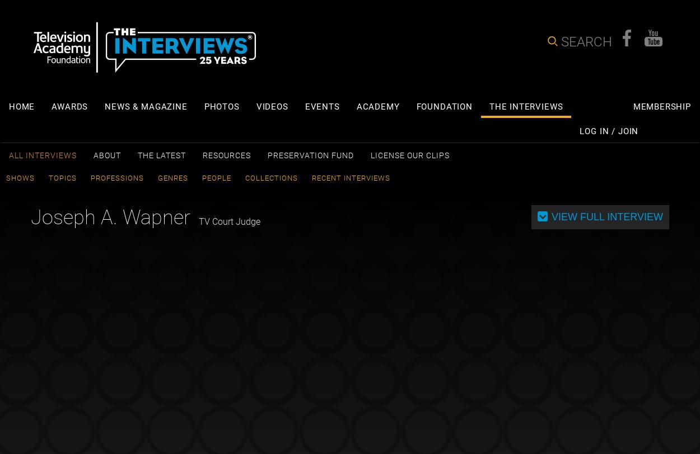 The height and width of the screenshot is (454, 700). I want to click on 'Events', so click(321, 106).